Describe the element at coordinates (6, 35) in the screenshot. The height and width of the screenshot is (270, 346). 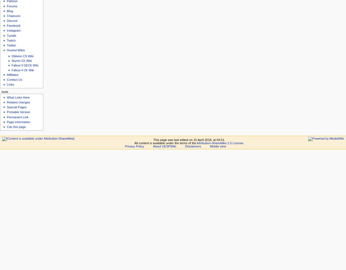
I see `'Tumblr'` at that location.